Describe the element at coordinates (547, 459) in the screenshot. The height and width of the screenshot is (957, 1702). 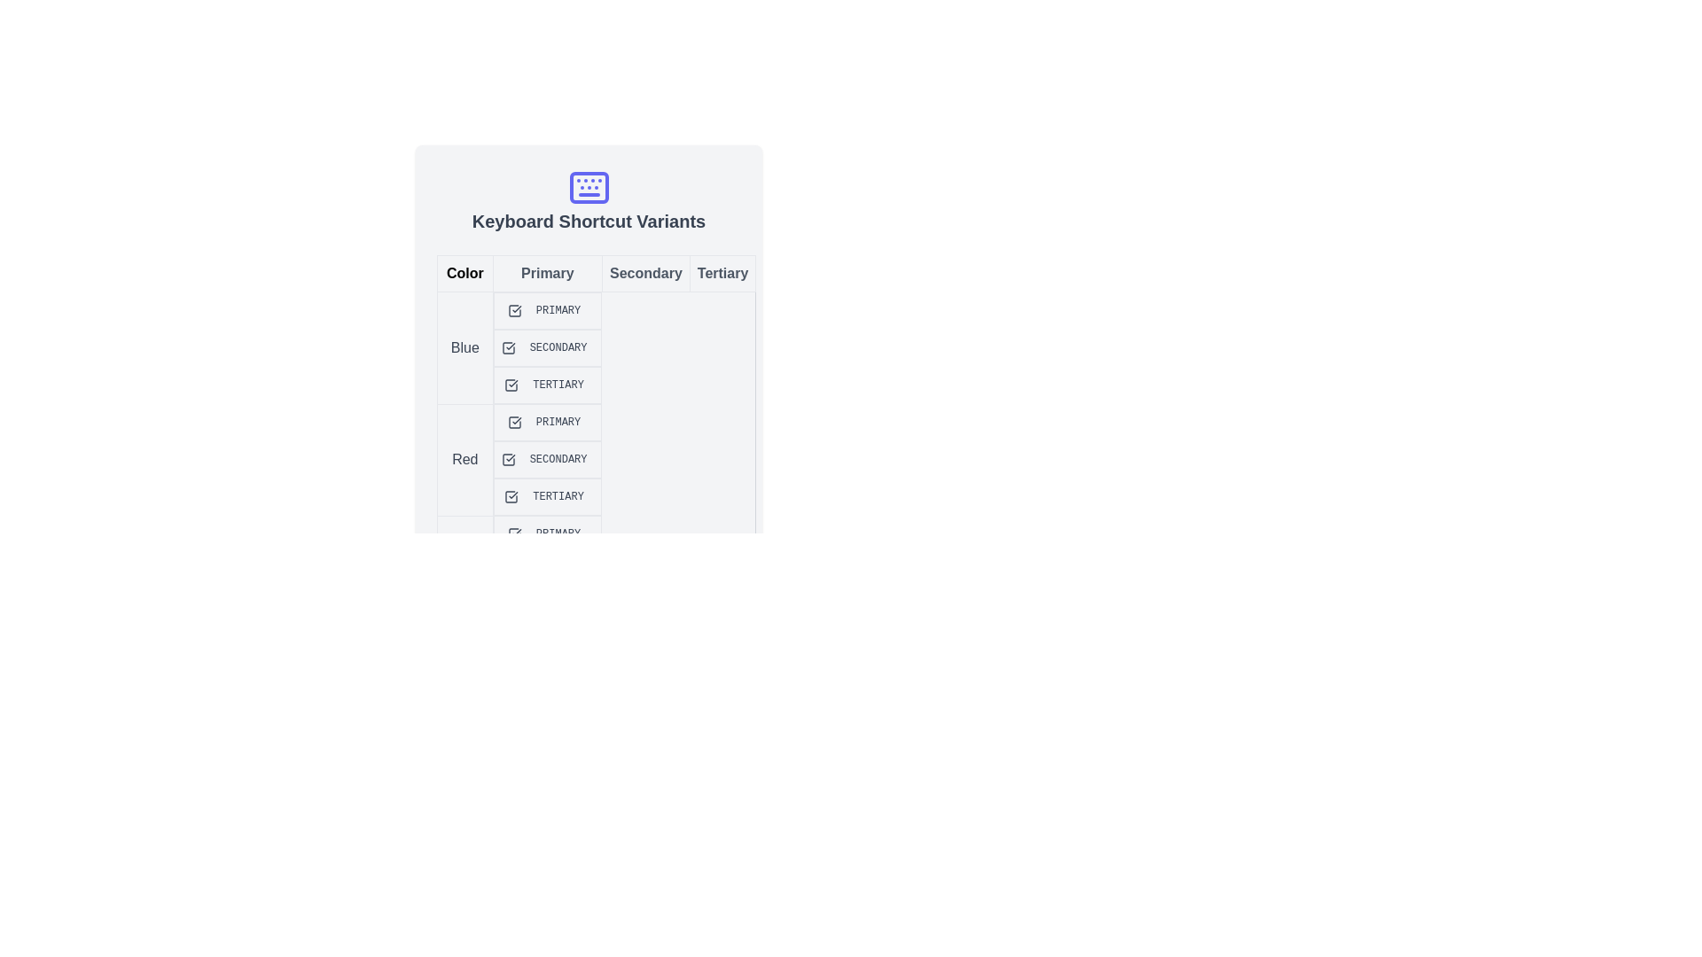
I see `the 'Secondary' label for the 'Red' category` at that location.